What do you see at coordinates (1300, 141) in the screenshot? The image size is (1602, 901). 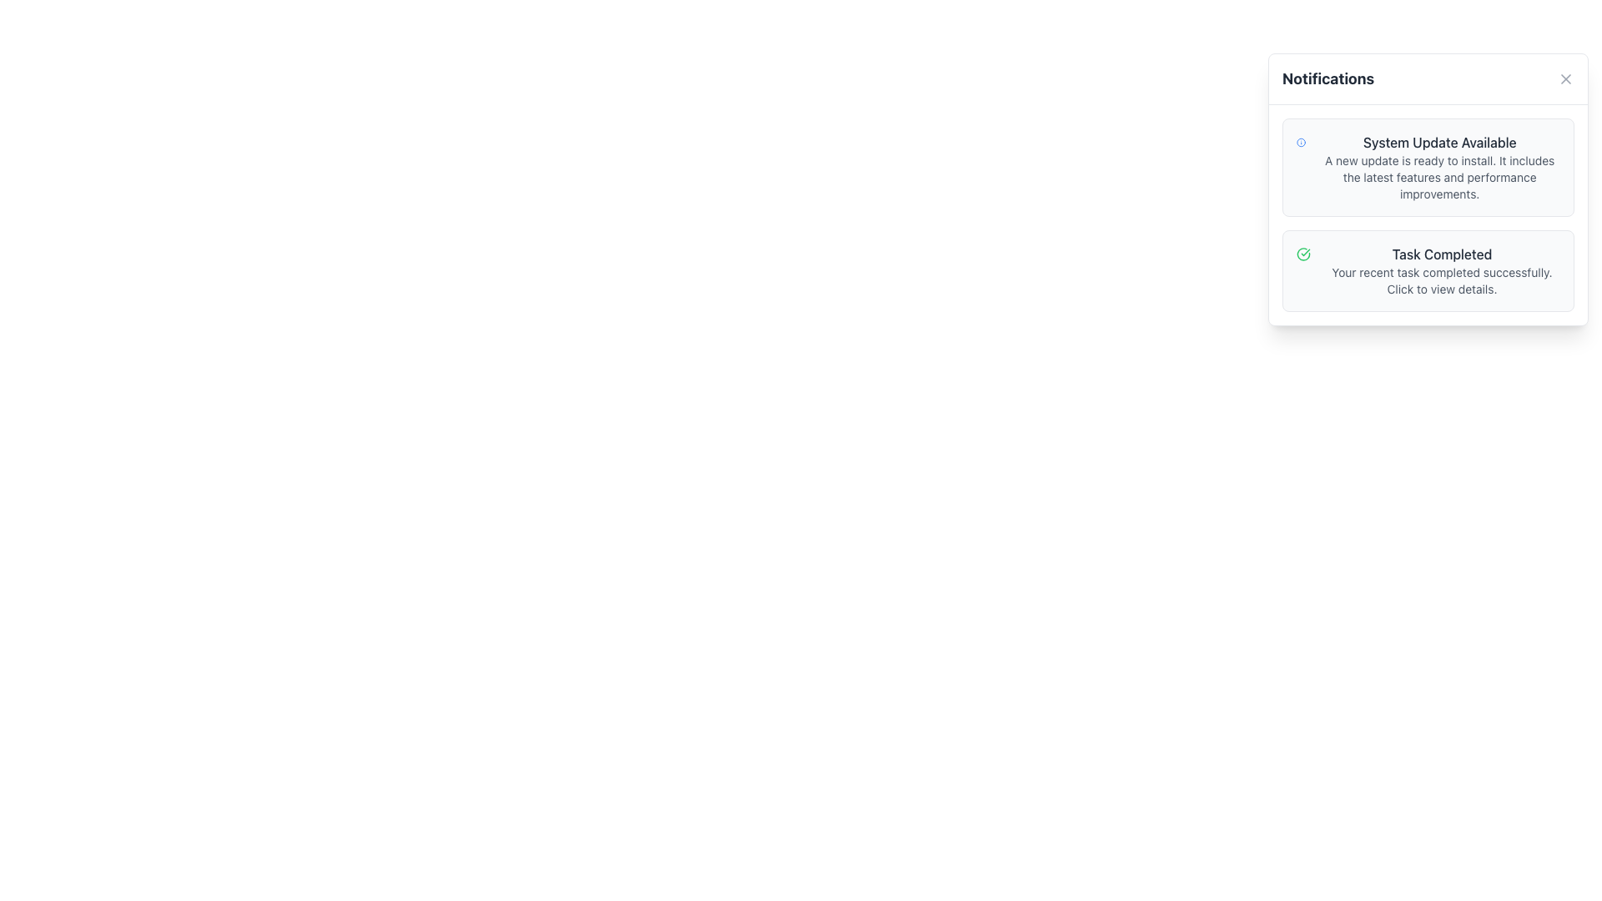 I see `the small circular blue icon with an outline and a center dot, located next to the text 'System Update Available' in the Notifications panel` at bounding box center [1300, 141].